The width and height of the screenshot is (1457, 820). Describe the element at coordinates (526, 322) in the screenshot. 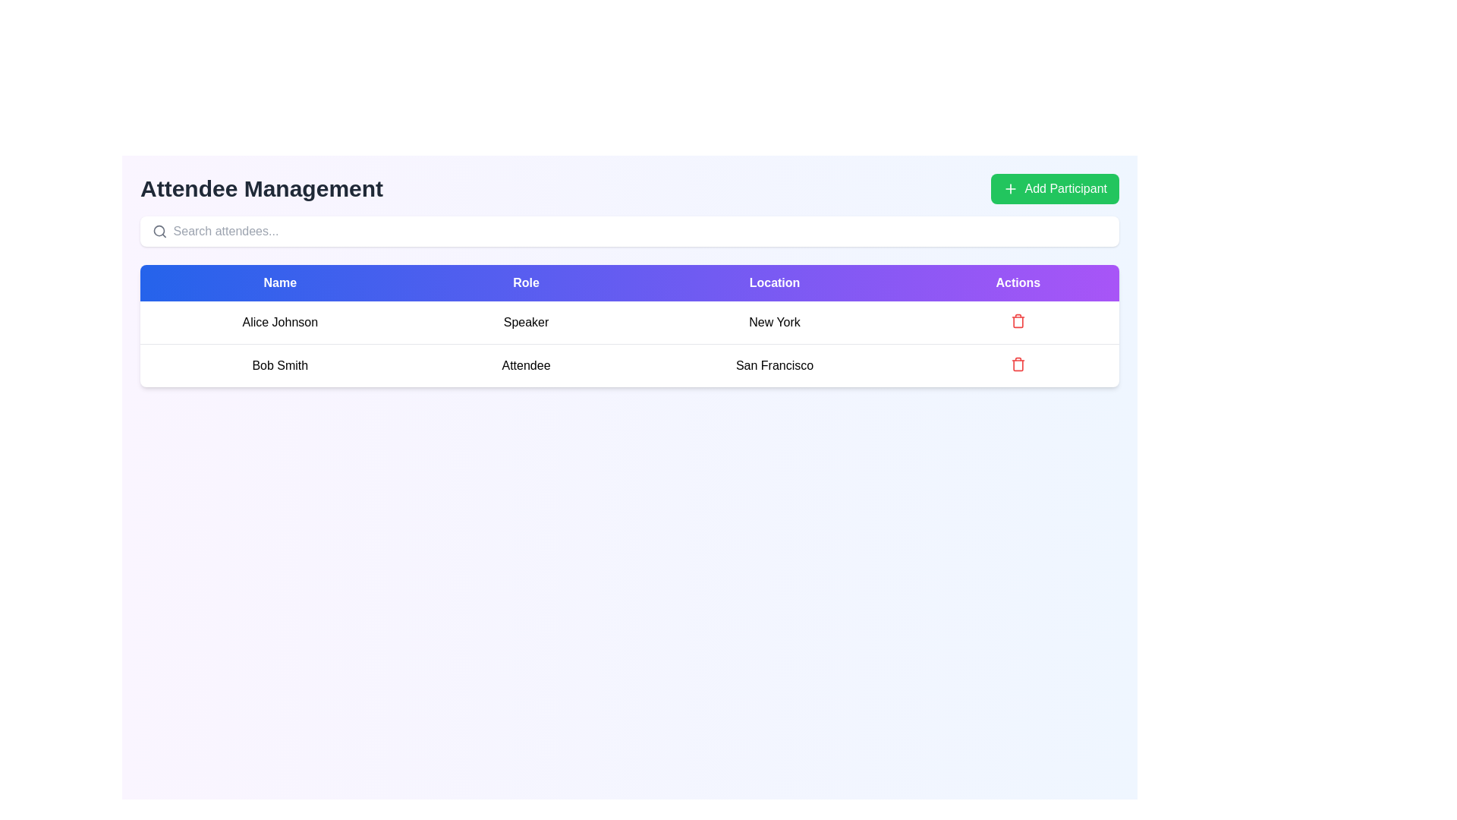

I see `the 'Speaker' text label located in the second column of the first row of the table, which is between 'Alice Johnson' and 'New York'` at that location.